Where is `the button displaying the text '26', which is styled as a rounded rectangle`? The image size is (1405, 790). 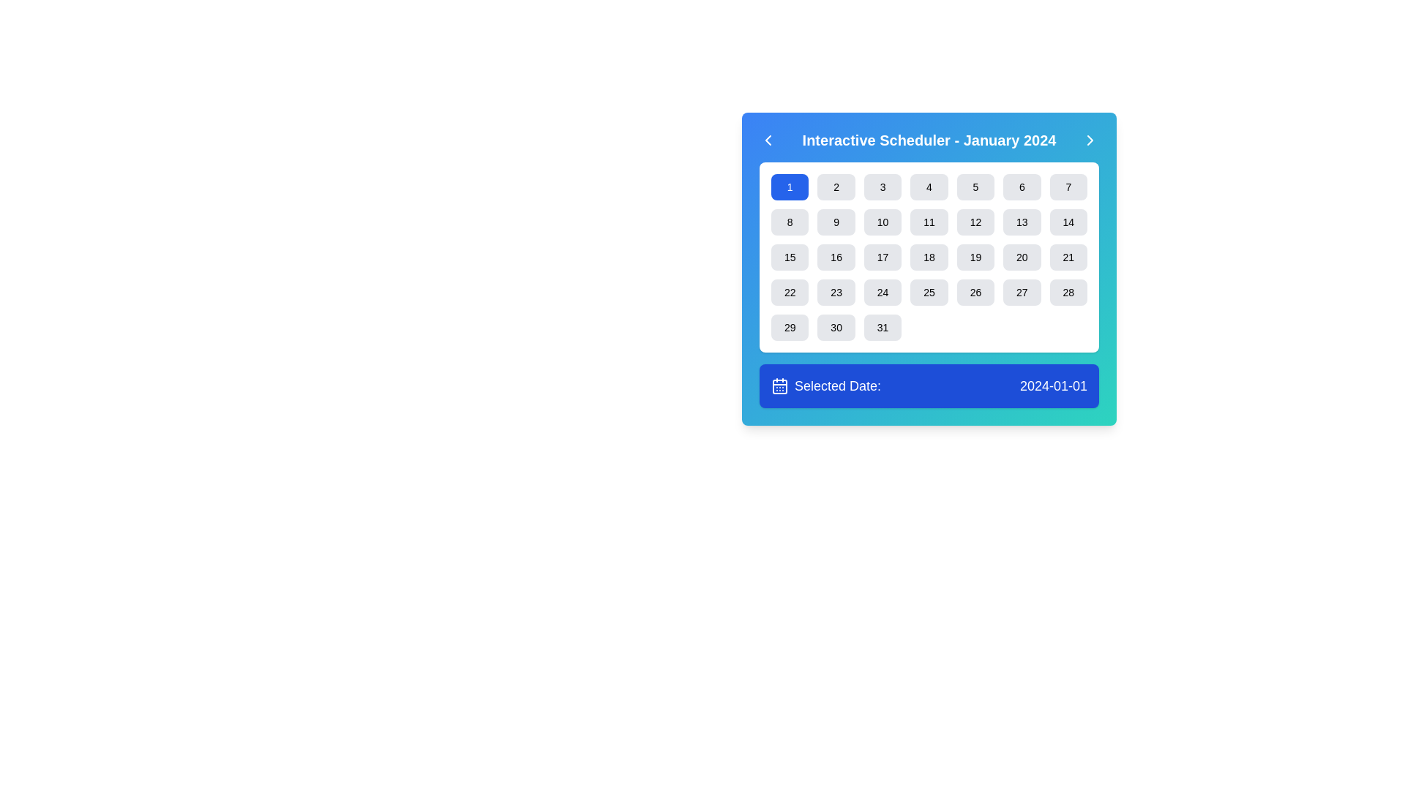 the button displaying the text '26', which is styled as a rounded rectangle is located at coordinates (975, 293).